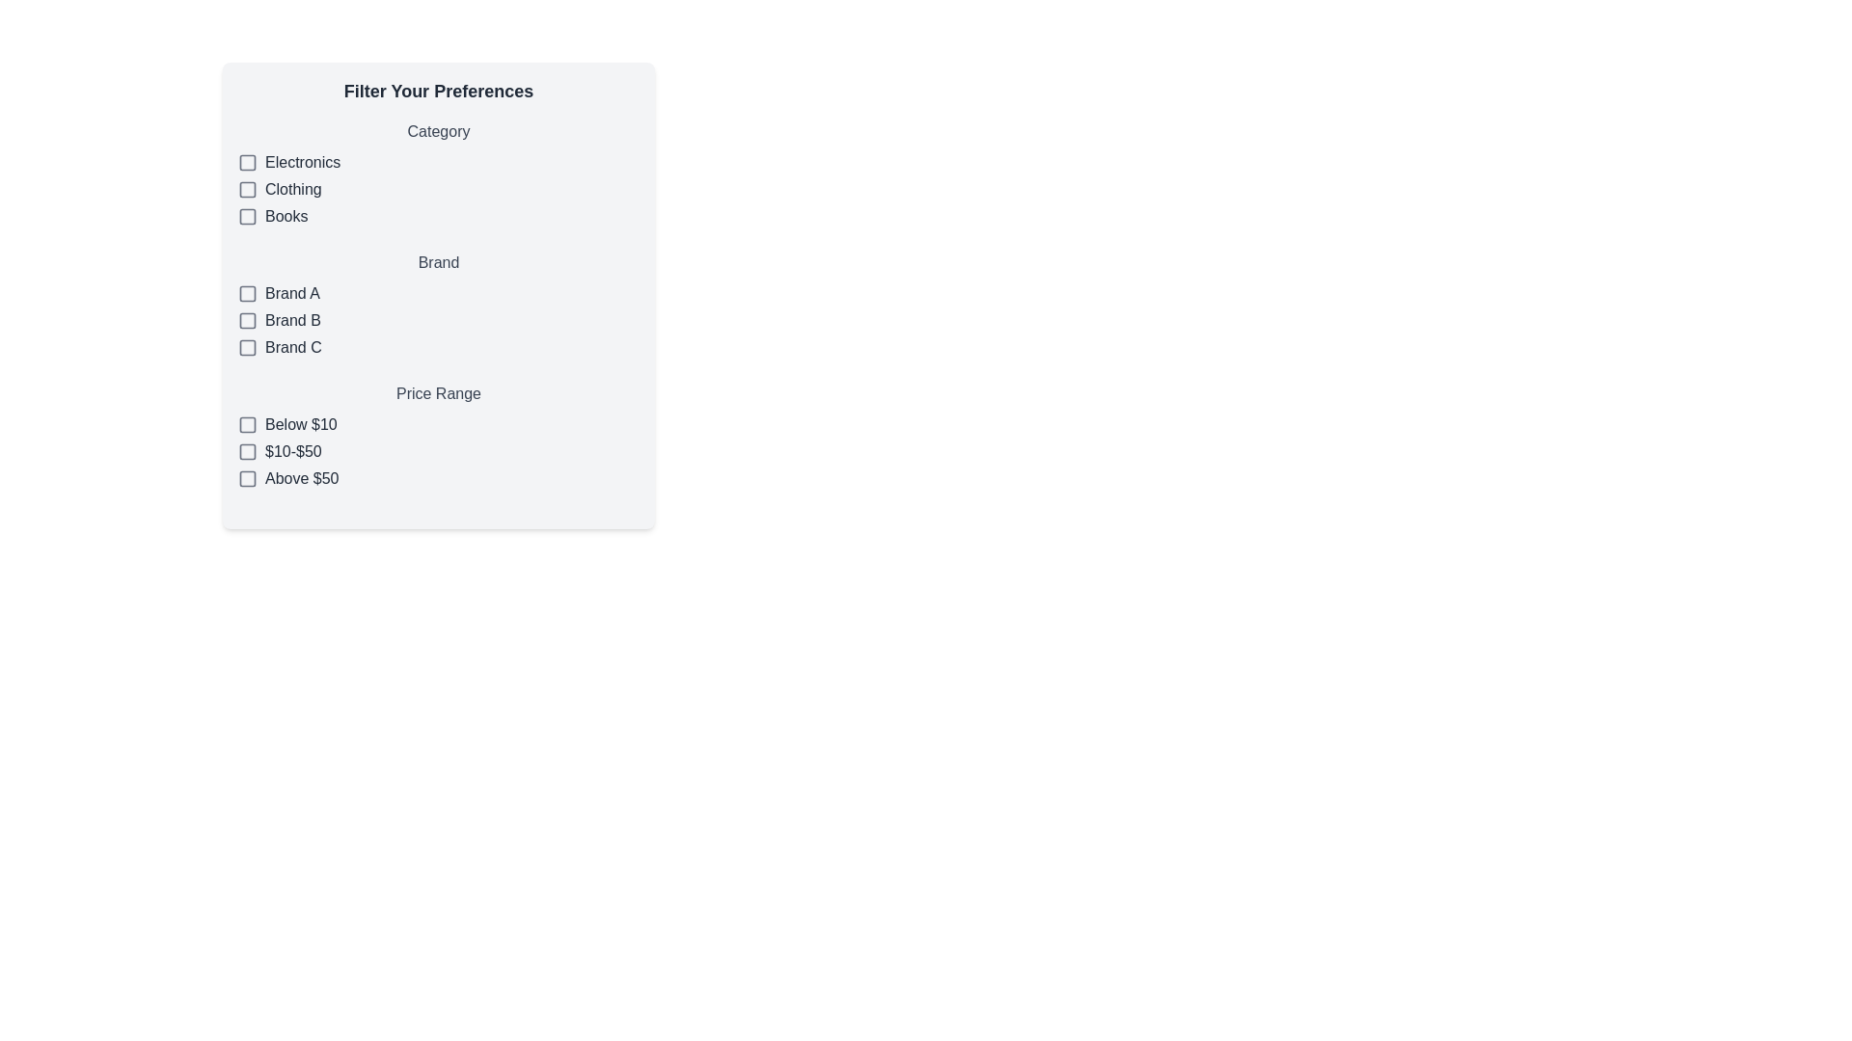  I want to click on the checkbox for filtering items by the 'Brand C' category located in the 'Brand' section of the user preference panel, so click(247, 348).